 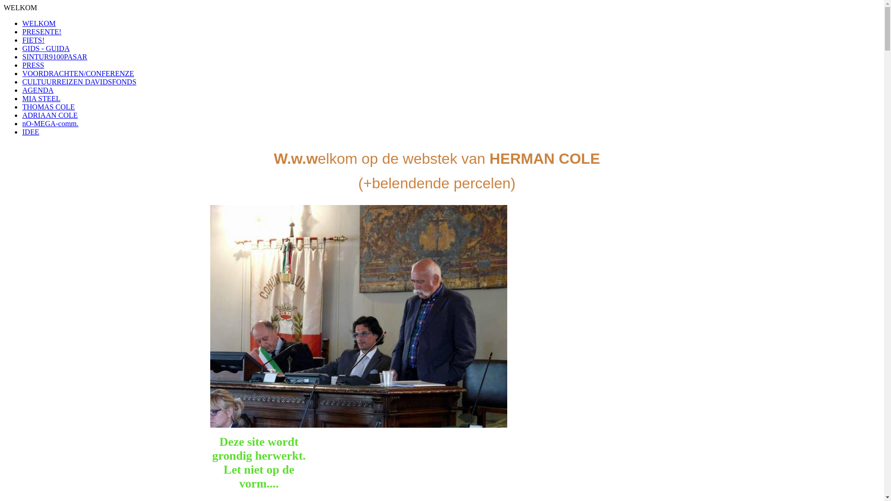 I want to click on 'MIA STEEL', so click(x=22, y=98).